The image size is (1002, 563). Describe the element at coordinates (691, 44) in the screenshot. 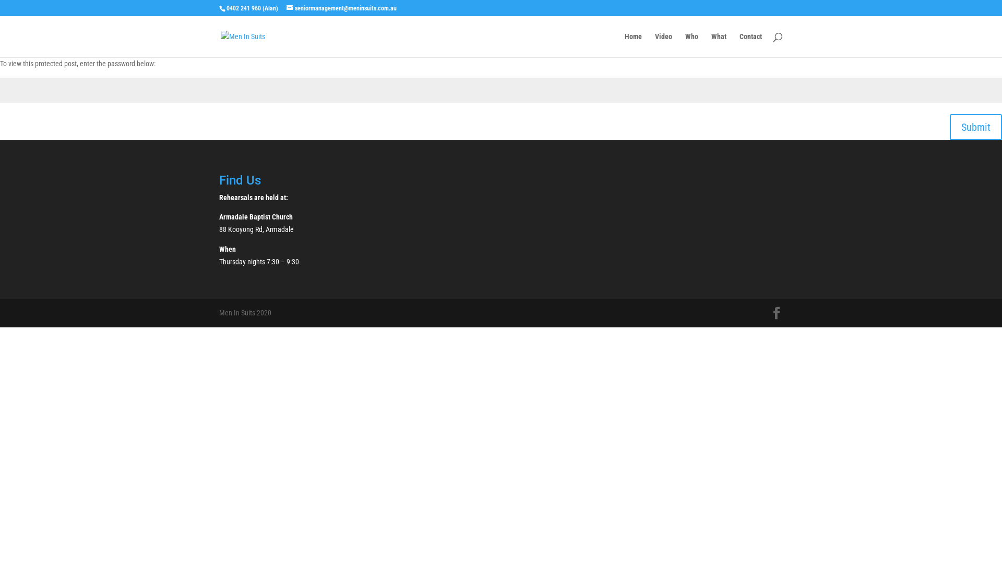

I see `'Who'` at that location.